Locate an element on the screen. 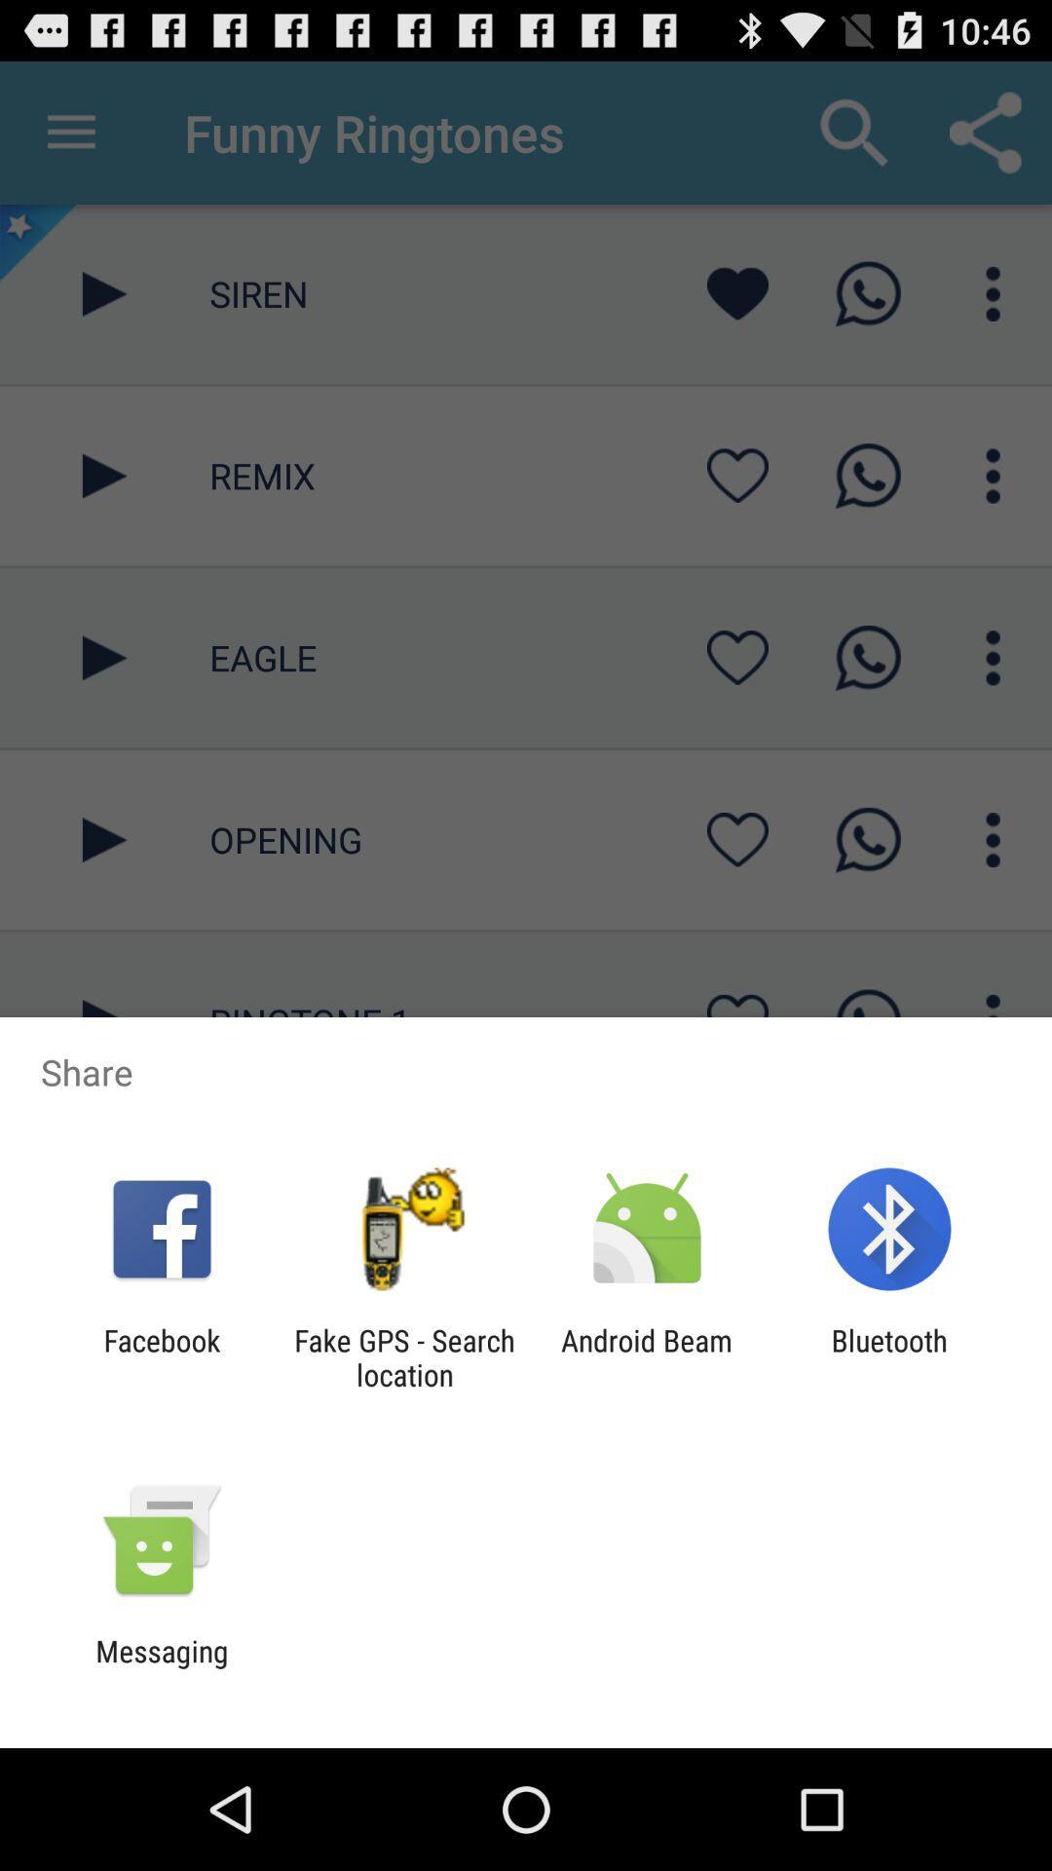 The image size is (1052, 1871). the app to the left of bluetooth app is located at coordinates (647, 1356).